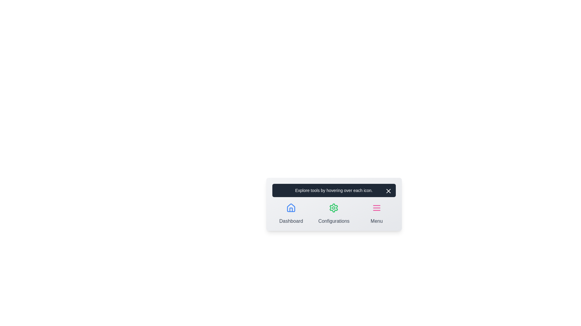  What do you see at coordinates (333, 208) in the screenshot?
I see `the green settings cogwheel icon labeled 'Configurations'` at bounding box center [333, 208].